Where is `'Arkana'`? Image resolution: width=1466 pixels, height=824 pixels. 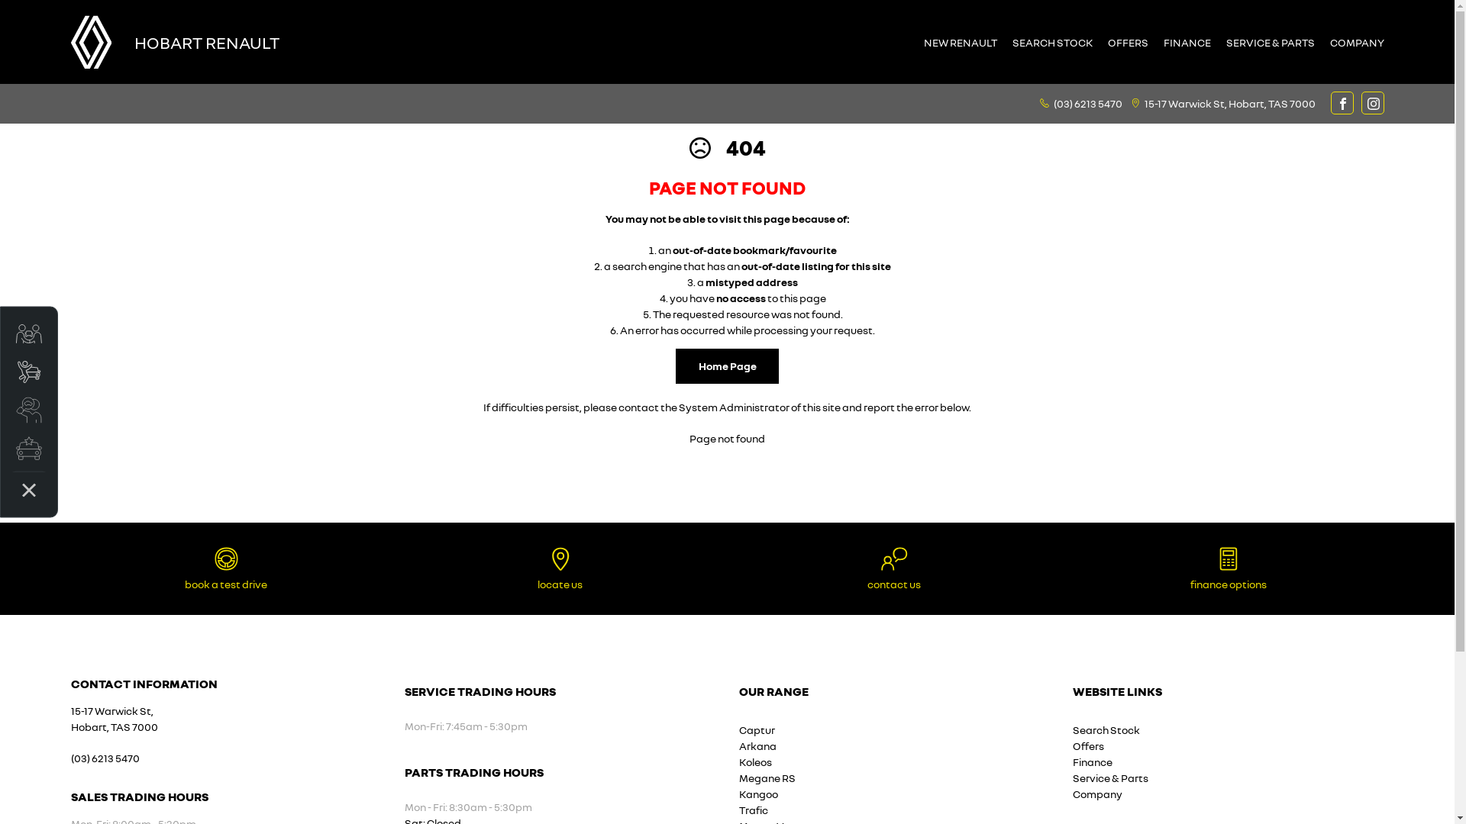 'Arkana' is located at coordinates (757, 745).